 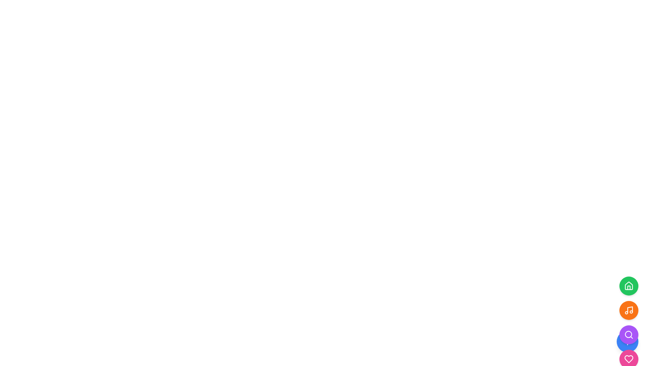 What do you see at coordinates (629, 359) in the screenshot?
I see `the circular icon button located at the far right of the interface, positioned at the bottom of a vertical stack of similar buttons for liking or marking items as favorites` at bounding box center [629, 359].